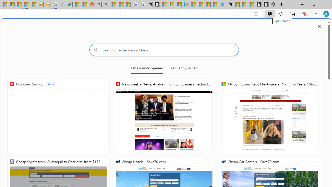 Image resolution: width=332 pixels, height=187 pixels. Describe the element at coordinates (58, 116) in the screenshot. I see `'Flipboard Signup'` at that location.